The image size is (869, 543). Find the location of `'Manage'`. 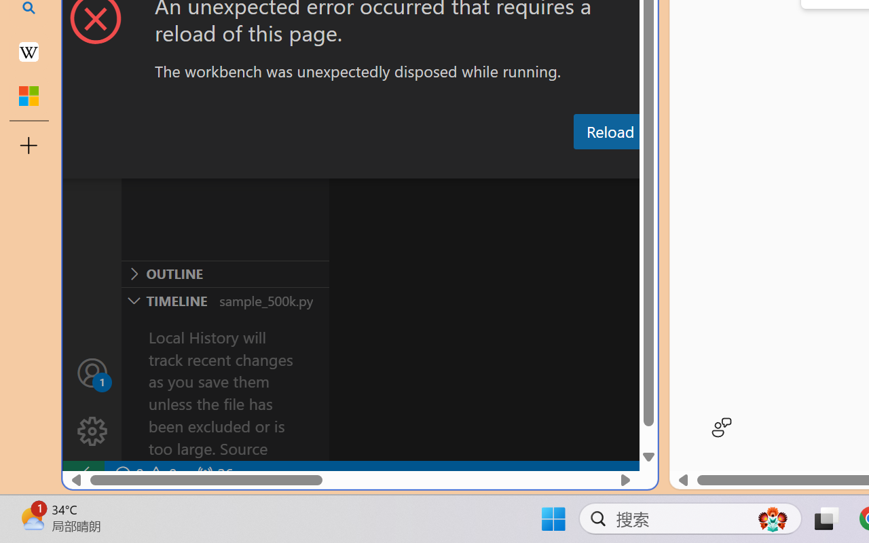

'Manage' is located at coordinates (91, 430).